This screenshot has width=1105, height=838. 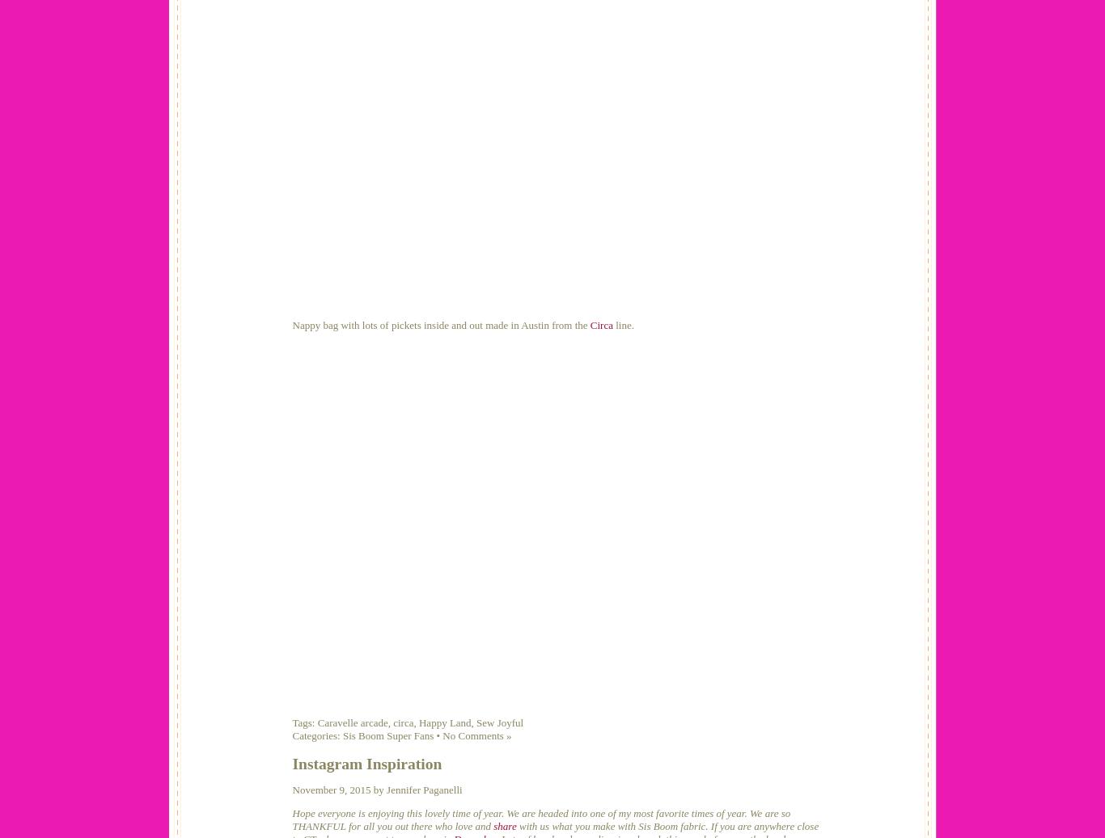 I want to click on 'Sew Joyful', so click(x=498, y=722).